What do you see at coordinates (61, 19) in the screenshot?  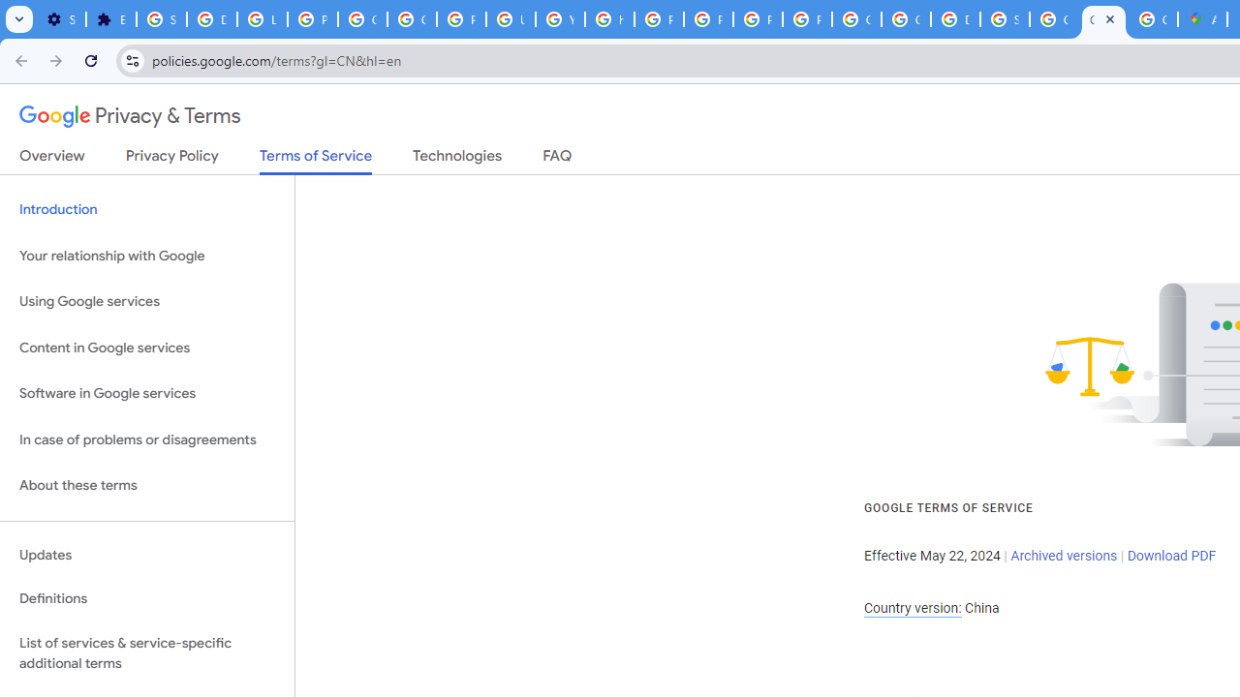 I see `'Settings - On startup'` at bounding box center [61, 19].